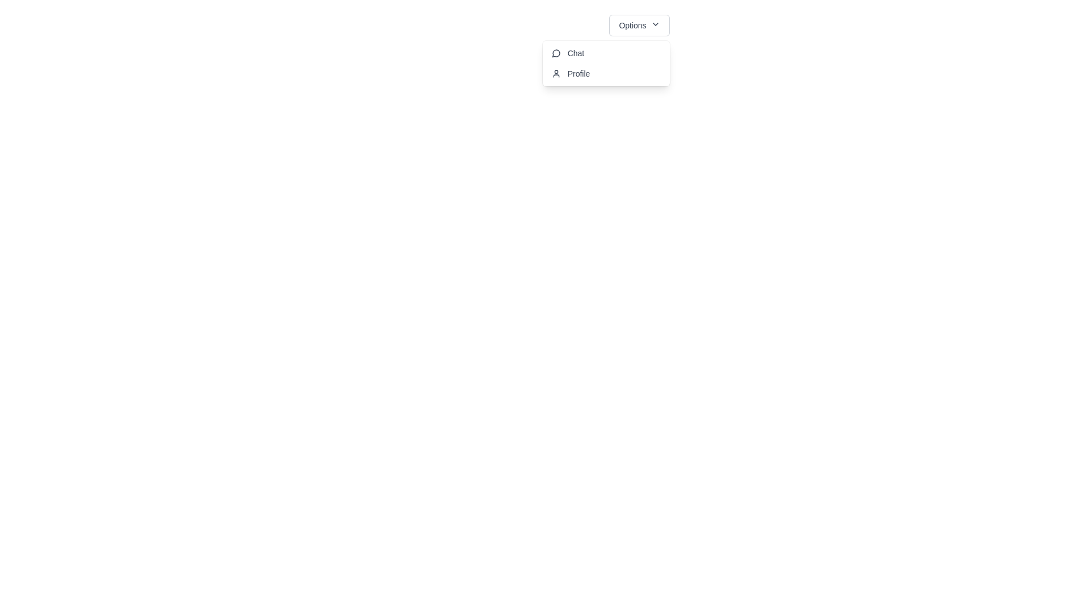  Describe the element at coordinates (568, 53) in the screenshot. I see `the first menu item in the dropdown menu, which is represented by a dark-gray comment bubble icon followed by the word 'Chat'` at that location.